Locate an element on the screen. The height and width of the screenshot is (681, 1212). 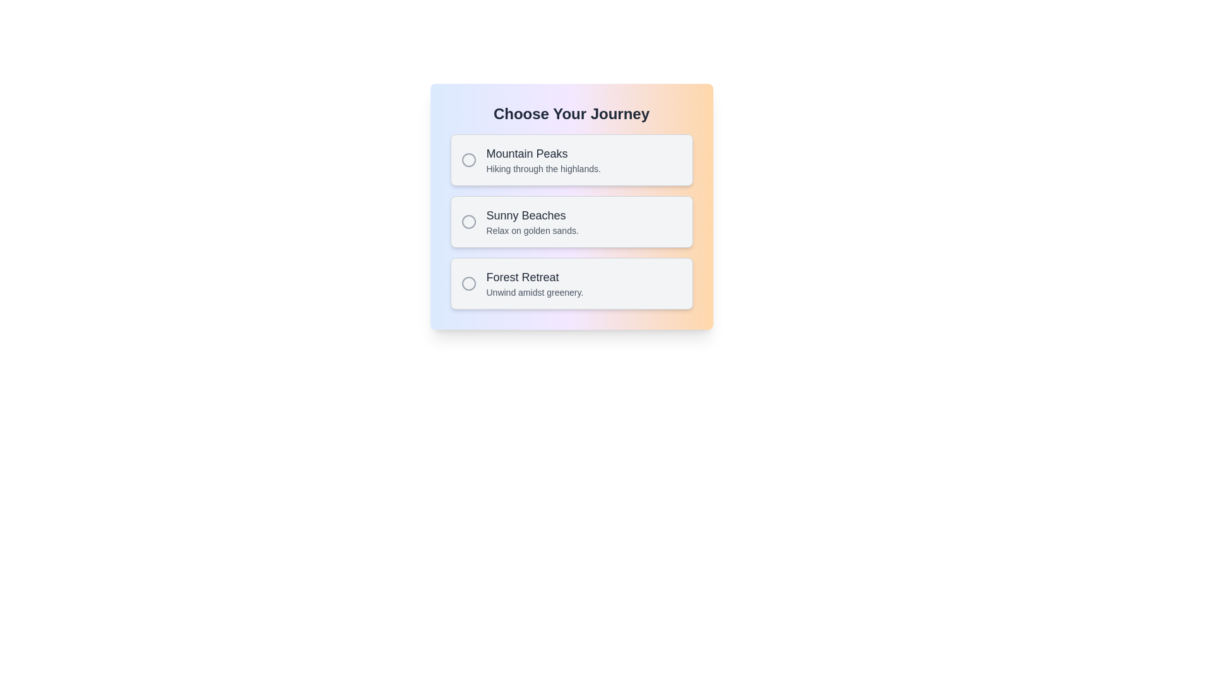
the state of the circular graphical decorative element of the radio button for the 'Sunny Beaches' option is located at coordinates (468, 221).